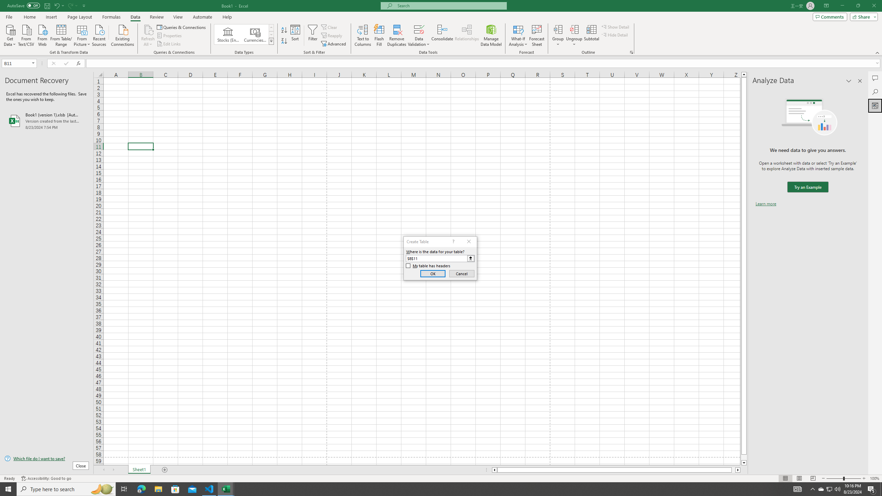  Describe the element at coordinates (491, 35) in the screenshot. I see `'Manage Data Model'` at that location.